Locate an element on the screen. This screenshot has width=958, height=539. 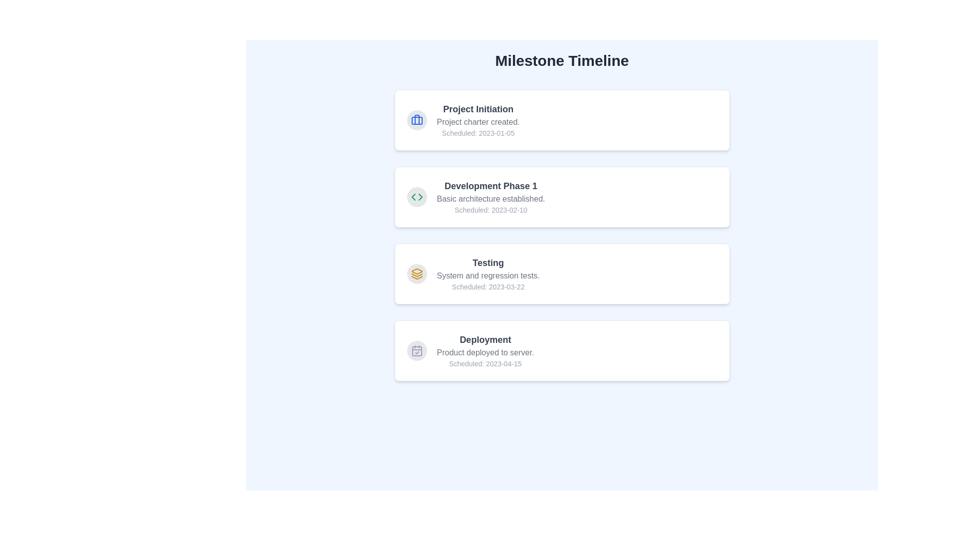
the multiline text block inside the card that displays details about a specific phase in the milestone timeline, positioned second from the top in a vertical list is located at coordinates (490, 197).